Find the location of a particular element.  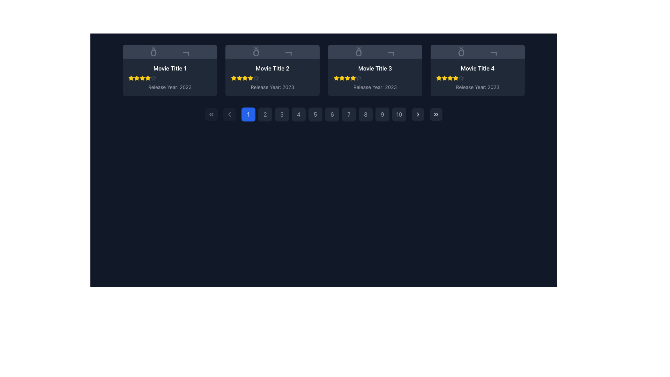

the third star icon in the rating system for 'Movie Title 4' to assign a rating is located at coordinates (444, 78).